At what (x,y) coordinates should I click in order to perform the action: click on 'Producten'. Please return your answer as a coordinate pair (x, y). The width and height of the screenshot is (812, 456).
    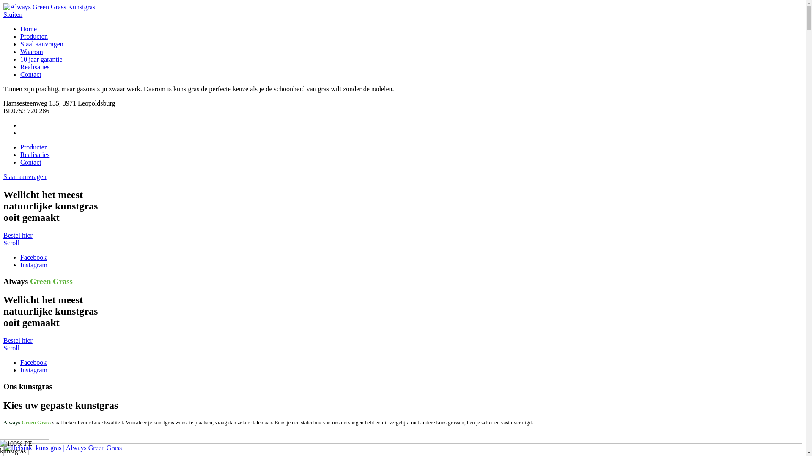
    Looking at the image, I should click on (34, 36).